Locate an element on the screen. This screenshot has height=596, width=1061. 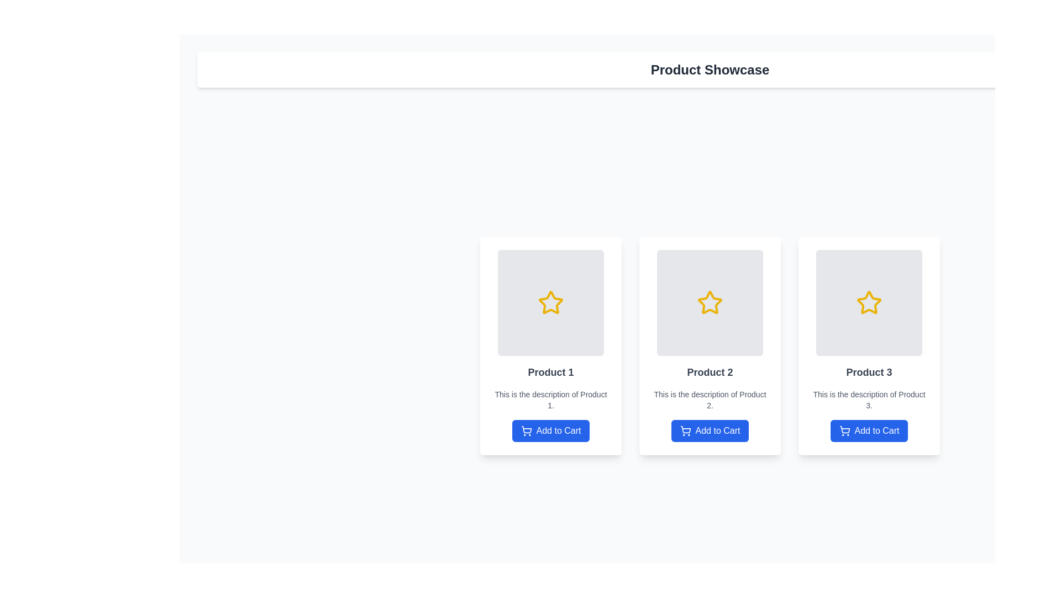
the star icon located at the center top section of the second product card, above the 'Product 2' text is located at coordinates (710, 302).